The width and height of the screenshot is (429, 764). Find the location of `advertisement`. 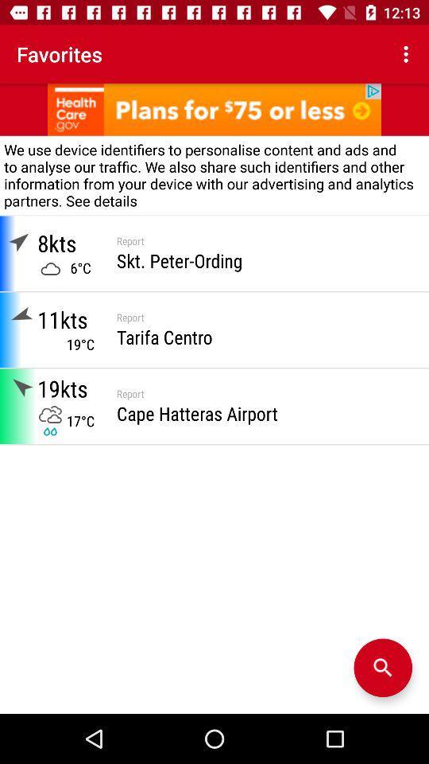

advertisement is located at coordinates (214, 108).